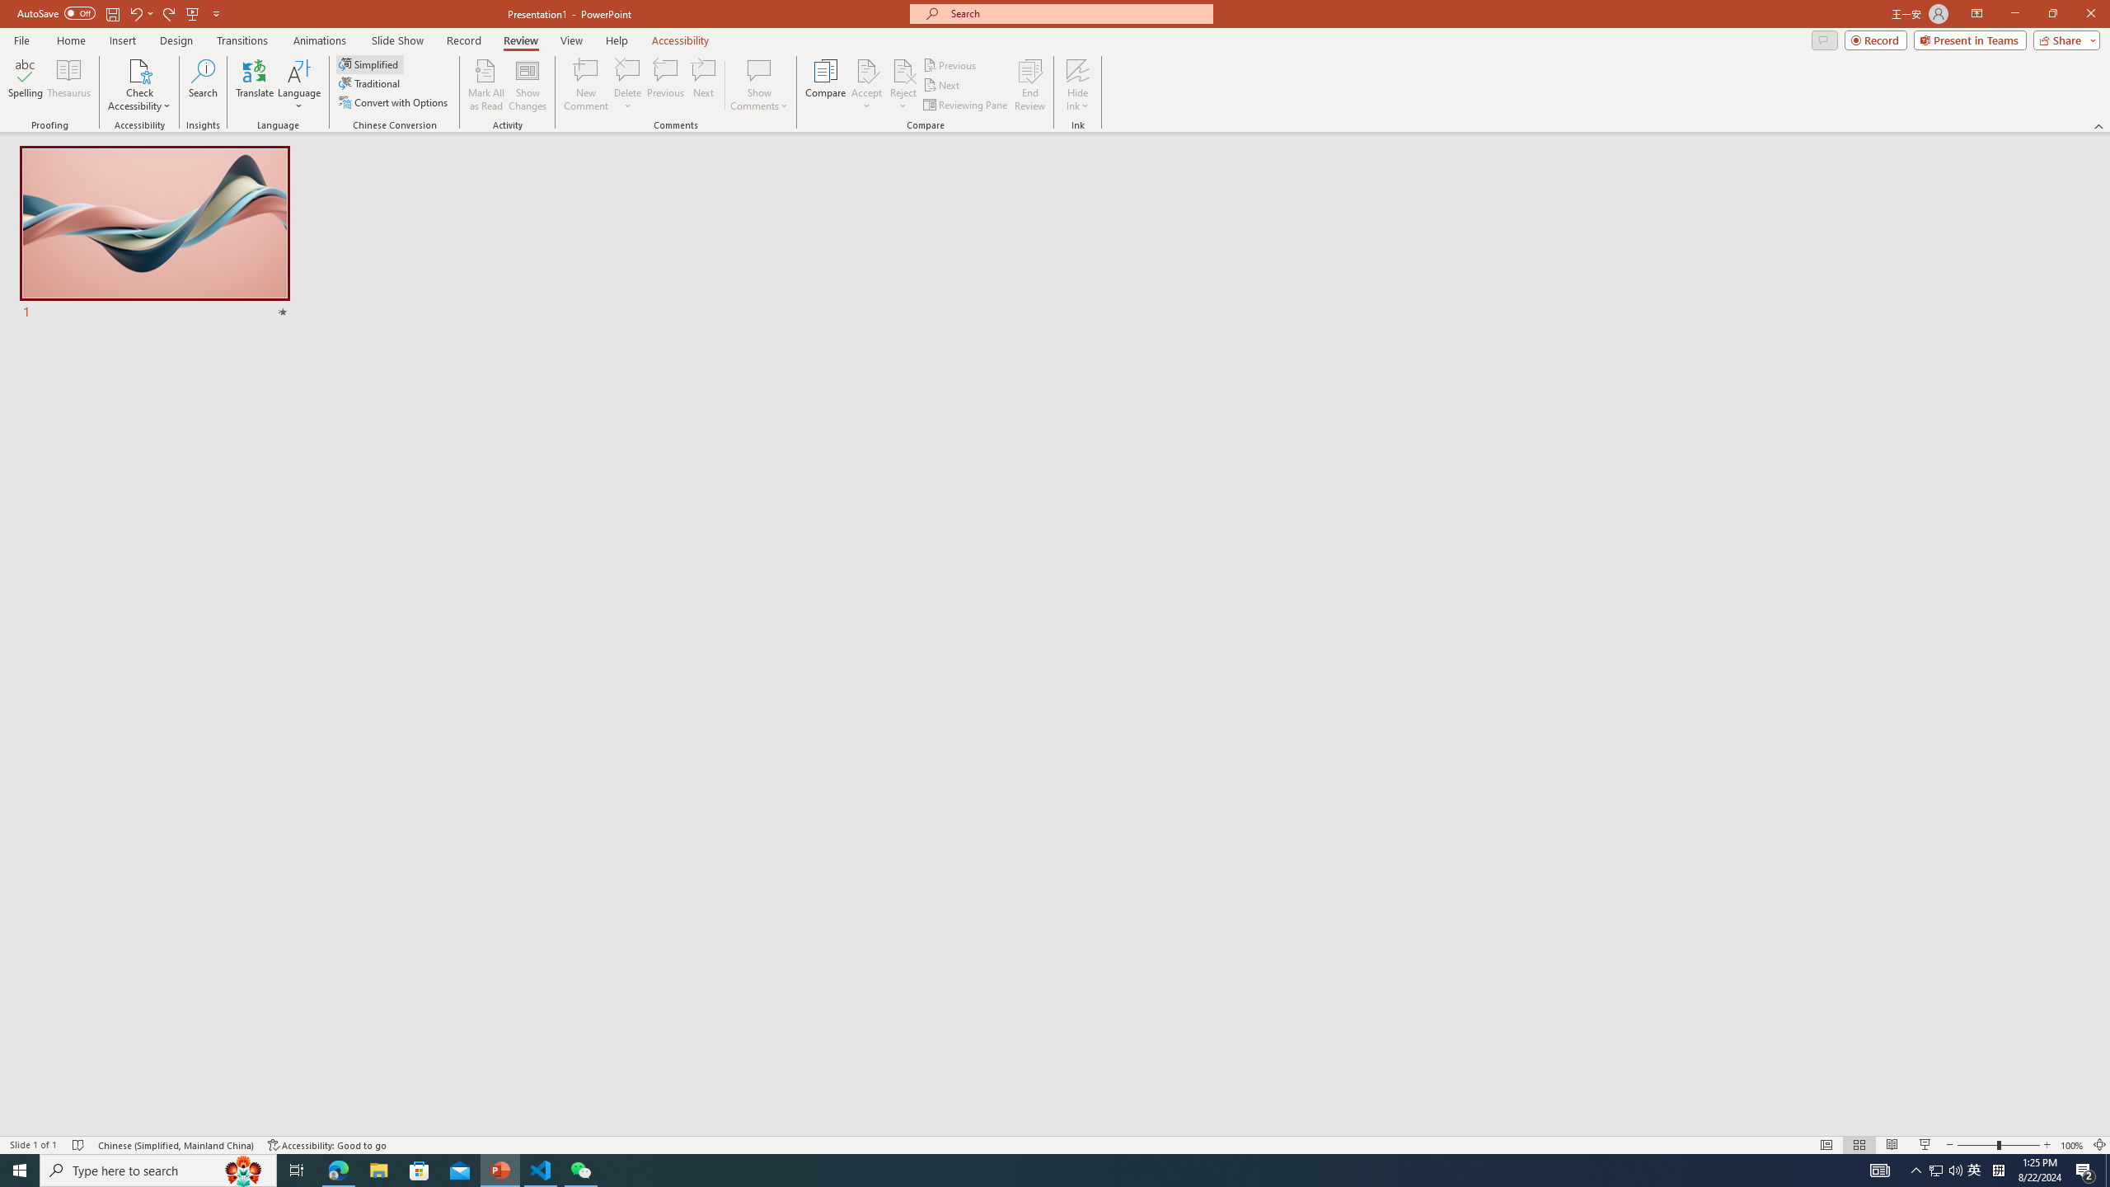 The image size is (2110, 1187). I want to click on 'View', so click(572, 40).